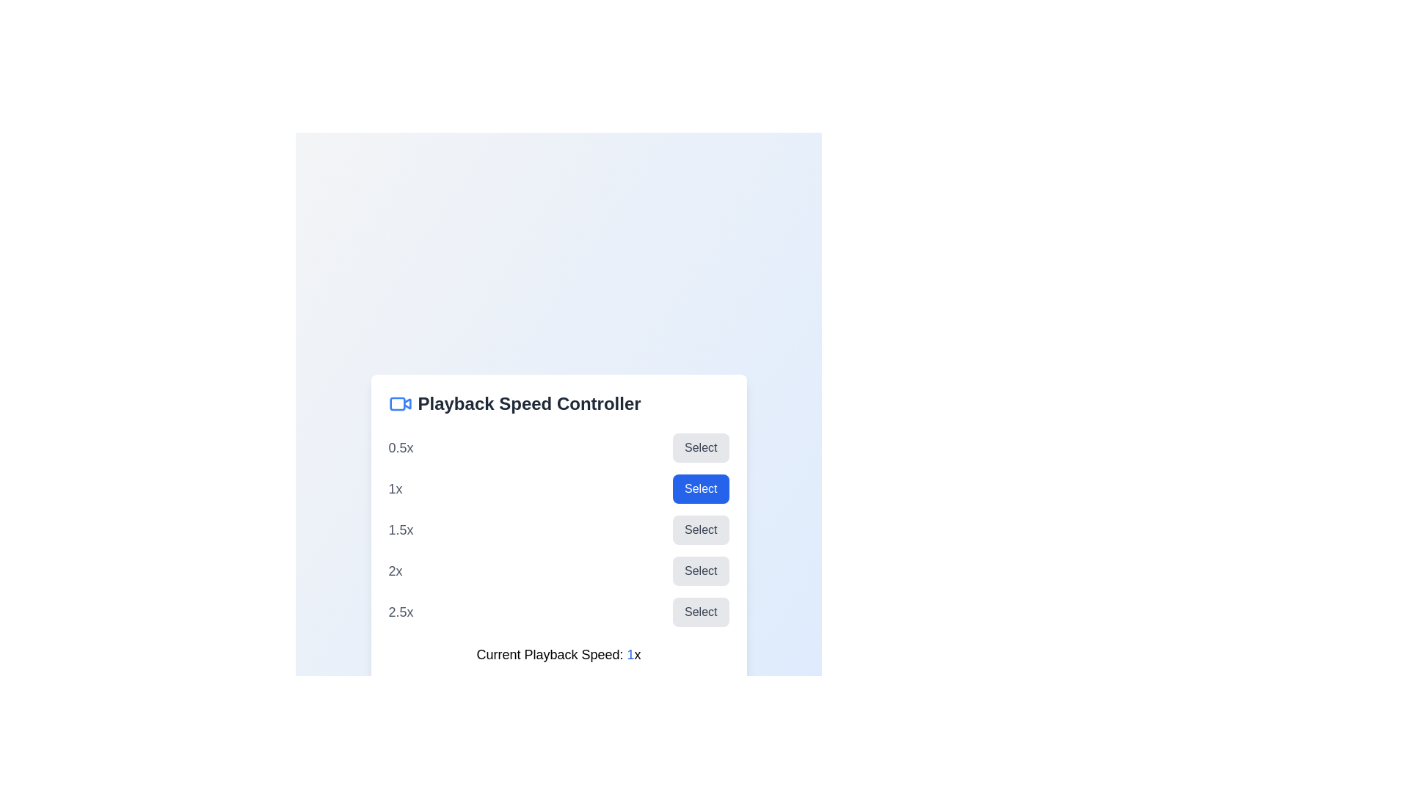 The height and width of the screenshot is (792, 1409). Describe the element at coordinates (401, 447) in the screenshot. I see `the text label displaying '0.5x', which is styled in bold grey font and located under the 'Playback Speed Controller' header, positioned to the left of the 'Select' button` at that location.